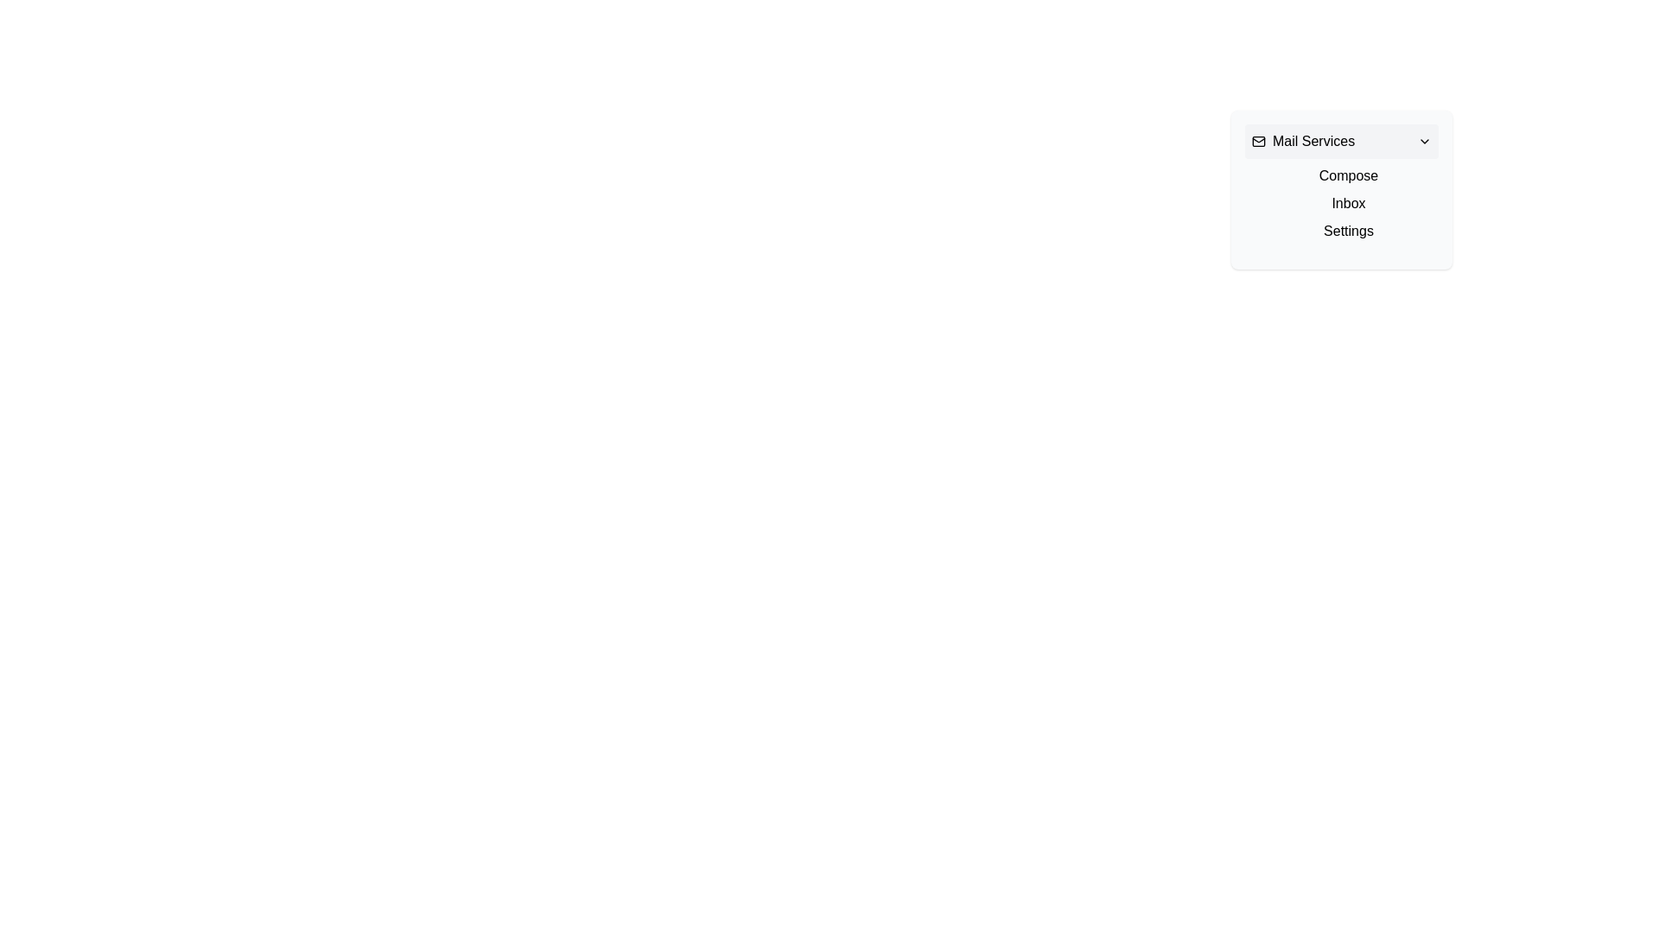 The height and width of the screenshot is (933, 1659). What do you see at coordinates (1347, 202) in the screenshot?
I see `the 'Inbox' text link styled in black, located in the second position of the vertical list of options` at bounding box center [1347, 202].